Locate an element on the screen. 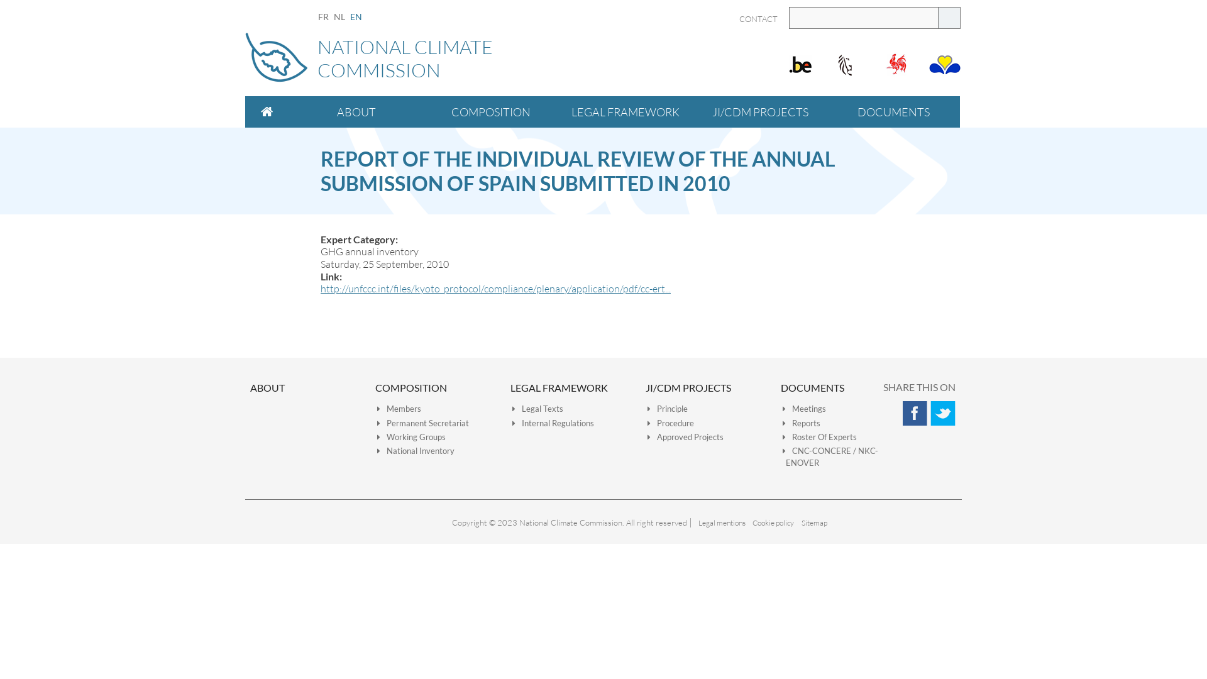  'Members' is located at coordinates (398, 409).